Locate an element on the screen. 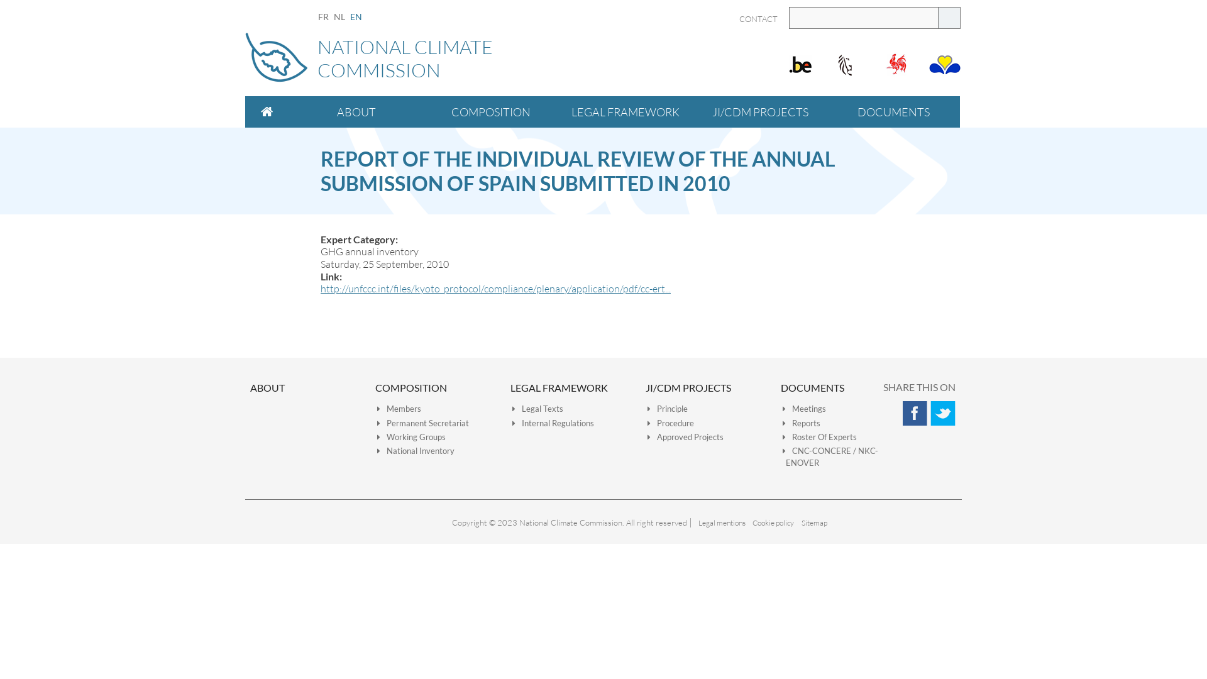  'Members' is located at coordinates (398, 409).